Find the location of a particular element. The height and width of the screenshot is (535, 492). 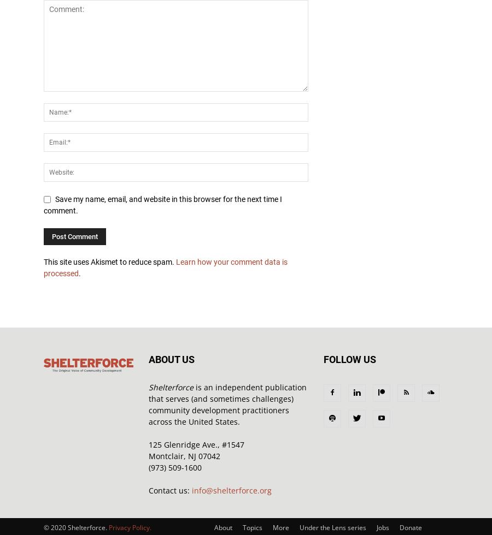

'.' is located at coordinates (79, 273).